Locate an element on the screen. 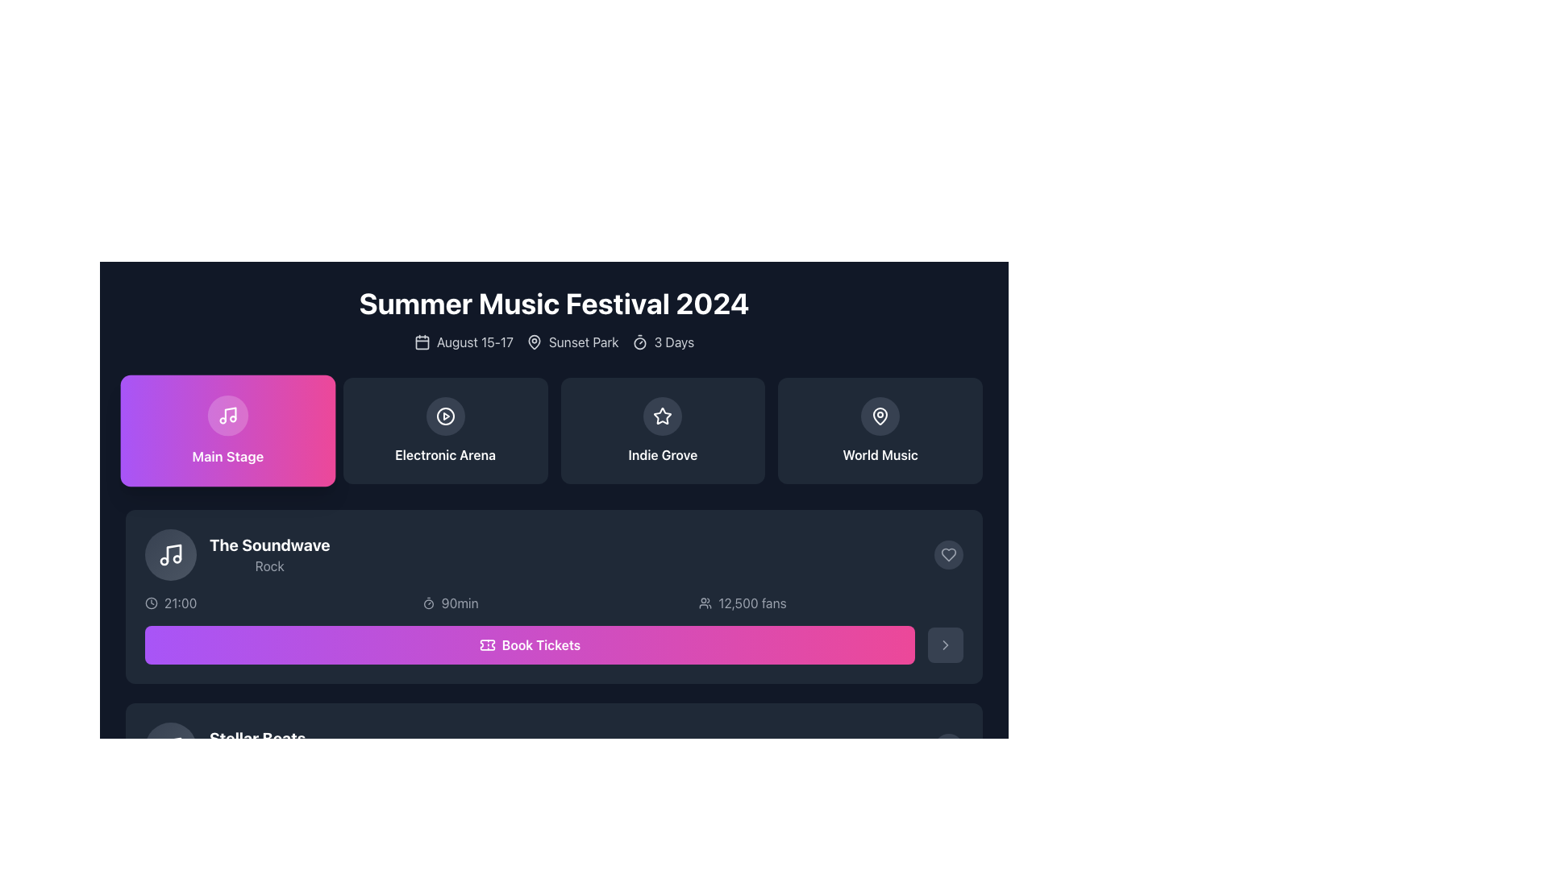 The image size is (1548, 870). the central SVG circle element of the timer icon is located at coordinates (639, 342).